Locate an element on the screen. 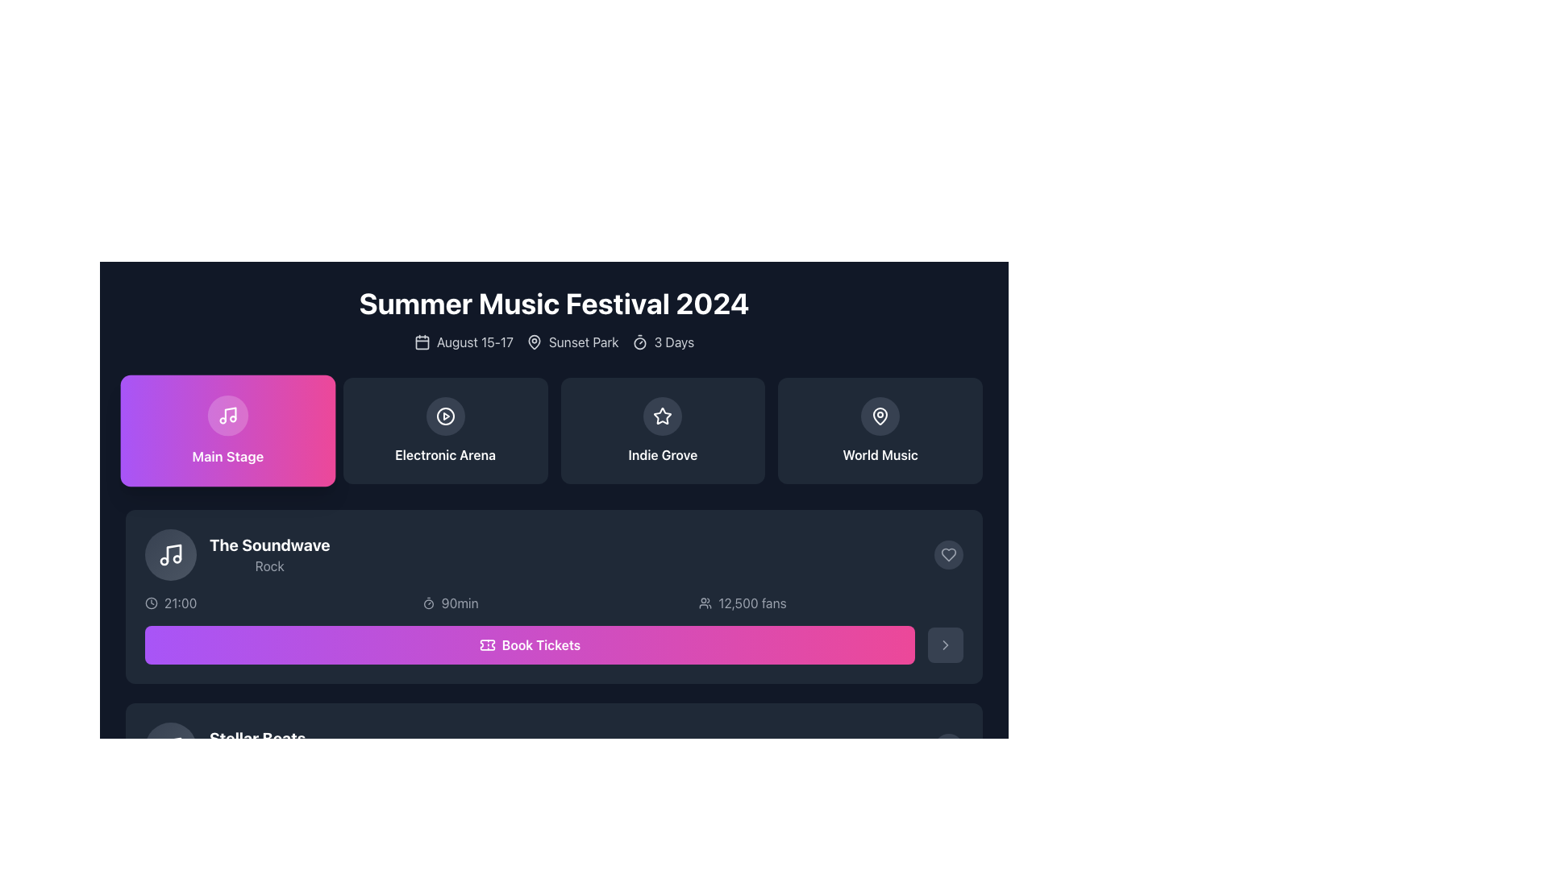 The image size is (1548, 870). the central SVG circle element of the timer icon is located at coordinates (639, 342).